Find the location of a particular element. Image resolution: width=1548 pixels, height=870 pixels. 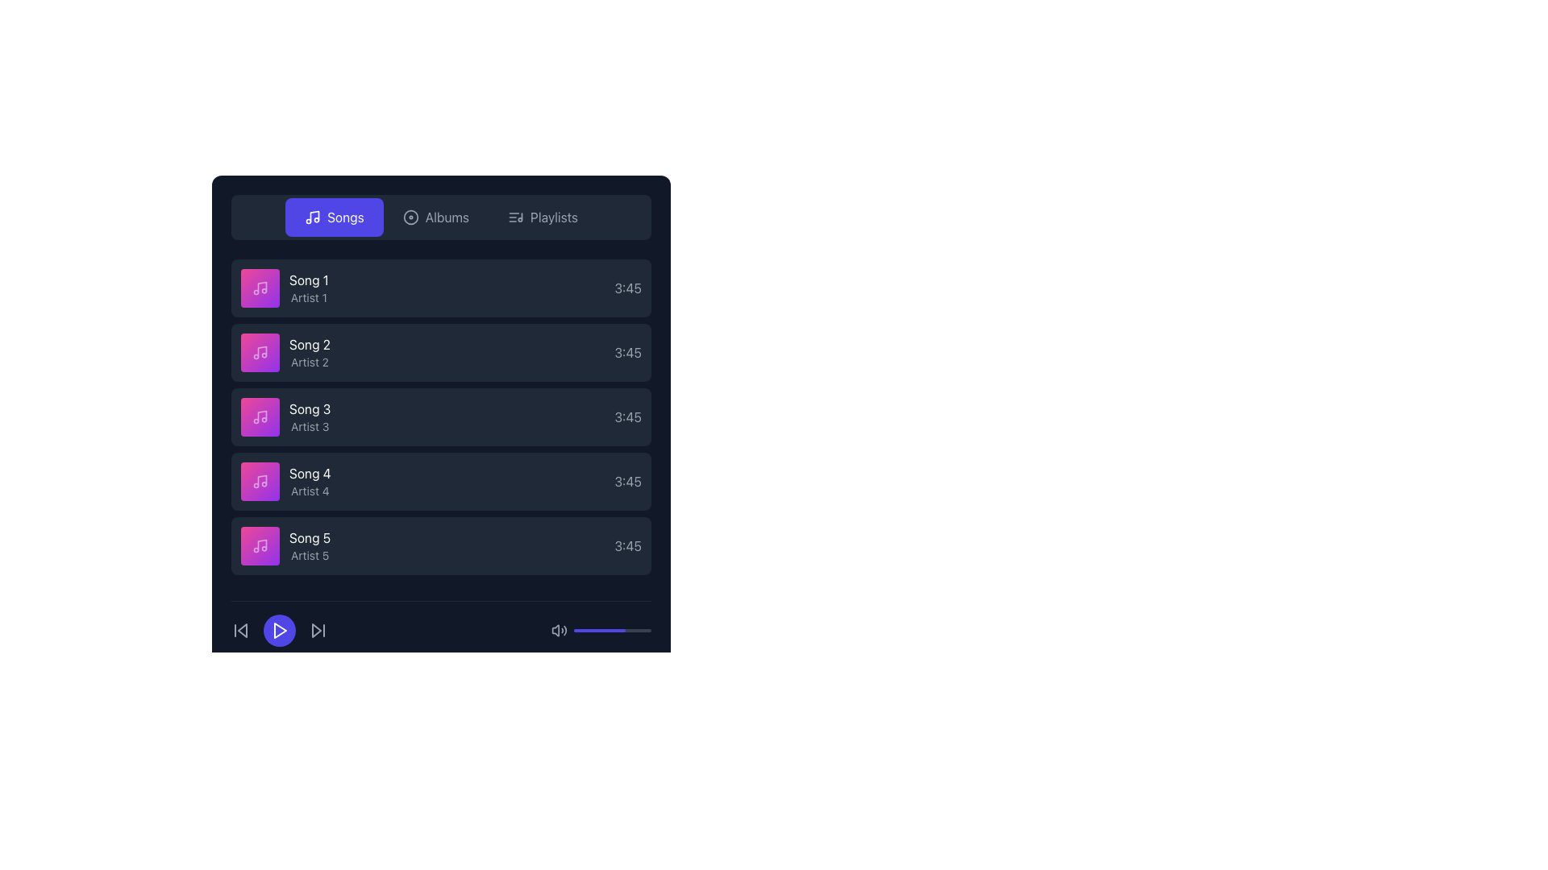

the stylized music note icon located within the fourth item of the vertical list of song entries, specifically for 'Song 4' by 'Artist 4', represented in a purple square tile is located at coordinates (262, 479).